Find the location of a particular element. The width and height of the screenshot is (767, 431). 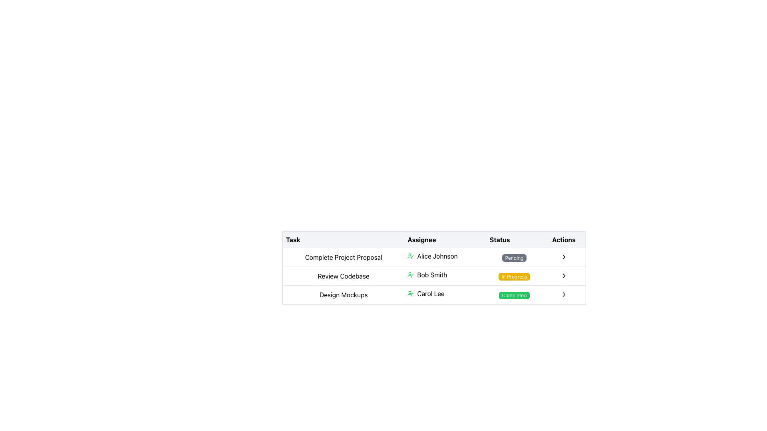

the chevron icon in the third column under 'Actions' for the 'Review Codebase' task is located at coordinates (563, 275).